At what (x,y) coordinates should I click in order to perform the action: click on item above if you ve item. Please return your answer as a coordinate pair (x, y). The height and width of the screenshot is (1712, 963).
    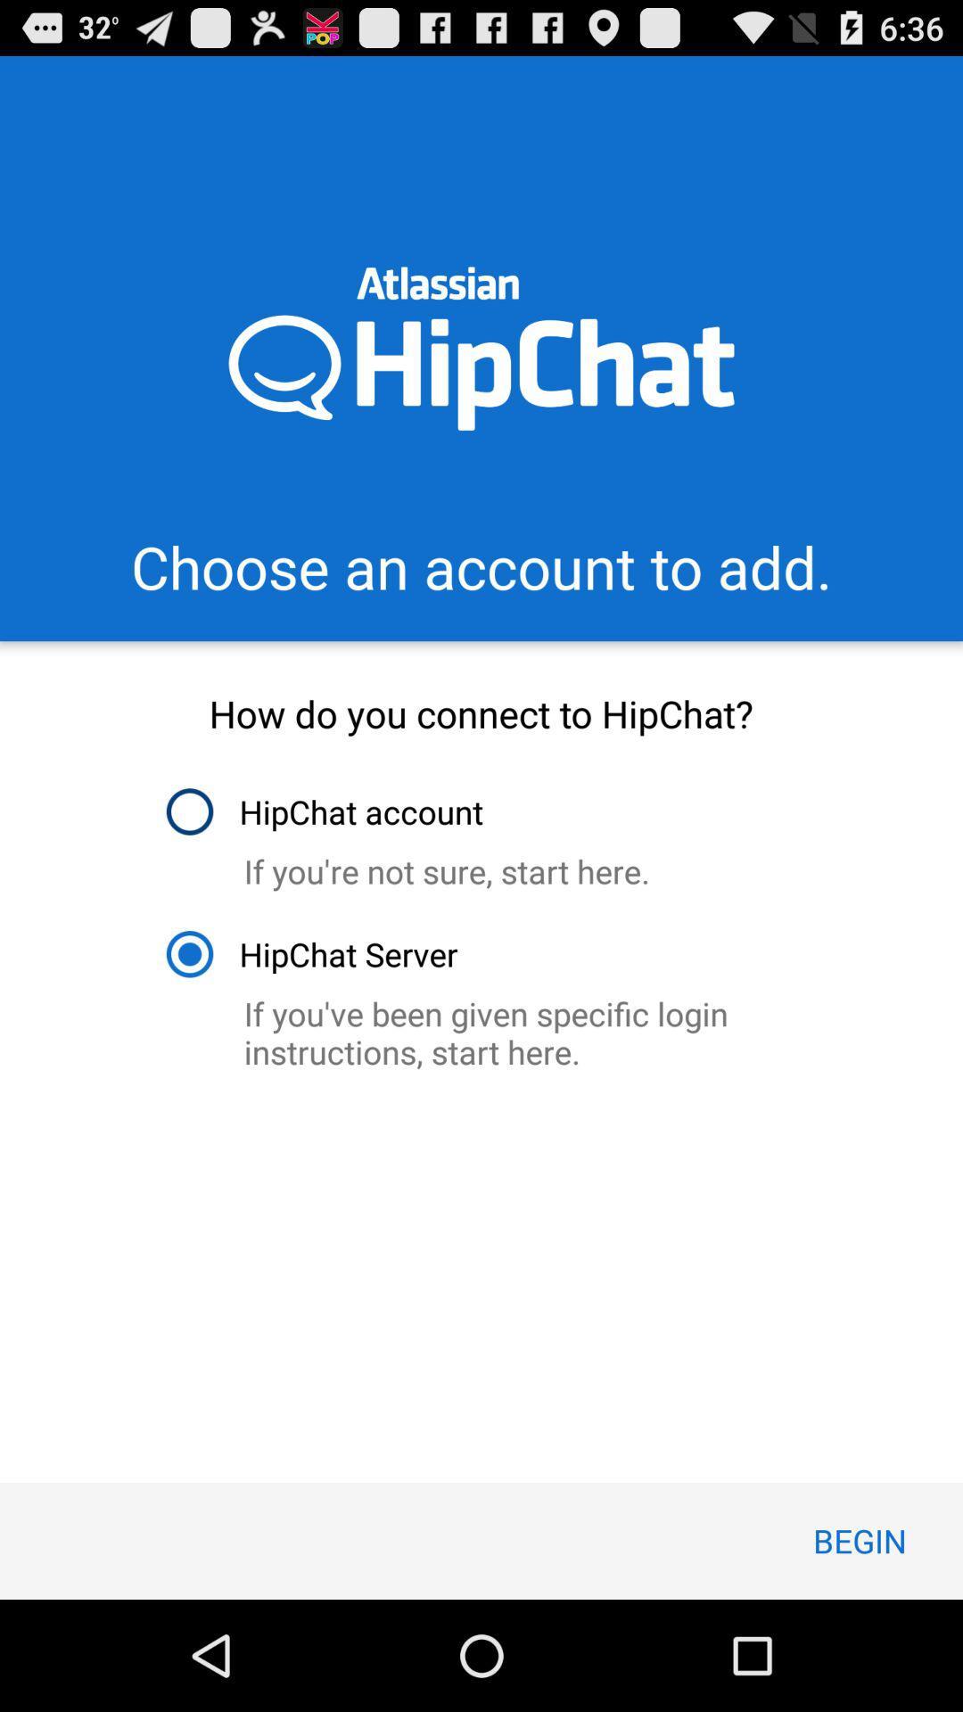
    Looking at the image, I should click on (310, 953).